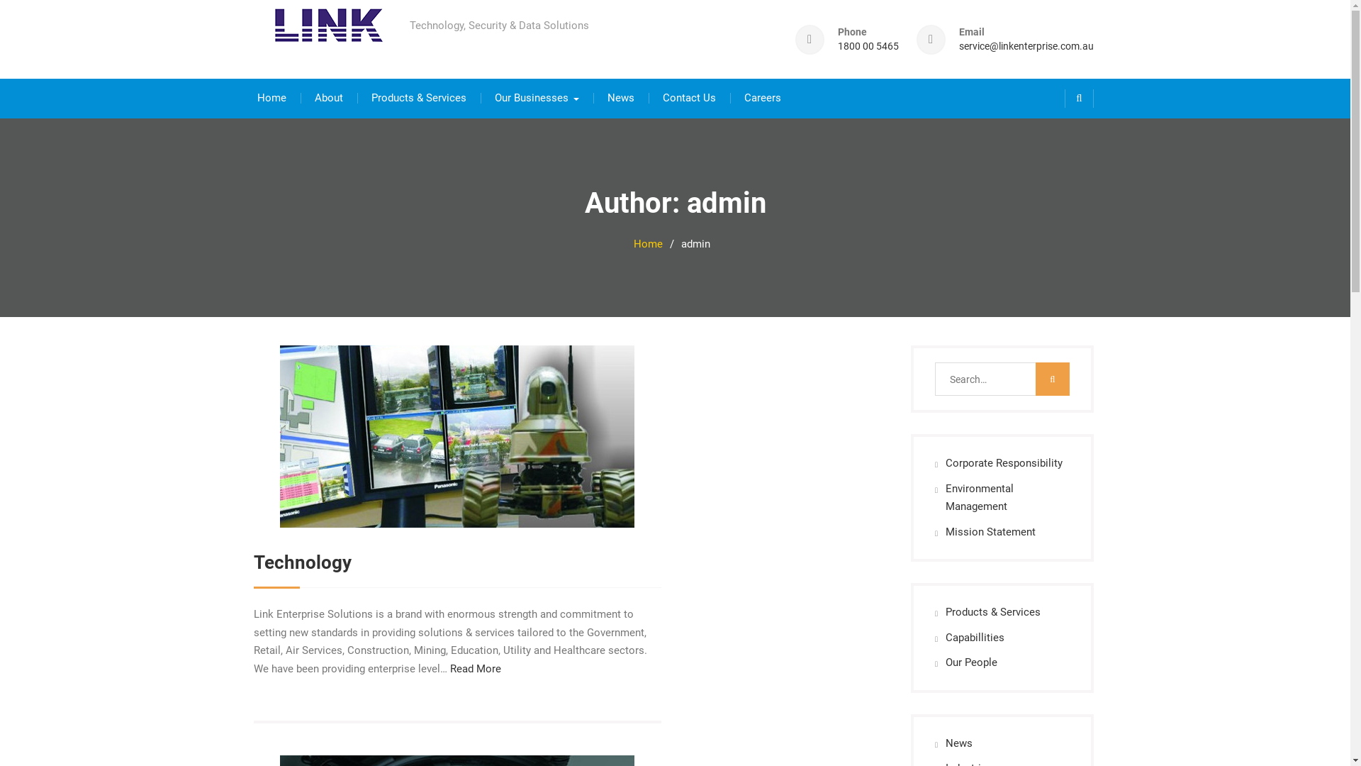 Image resolution: width=1361 pixels, height=766 pixels. Describe the element at coordinates (536, 97) in the screenshot. I see `'Our Businesses'` at that location.